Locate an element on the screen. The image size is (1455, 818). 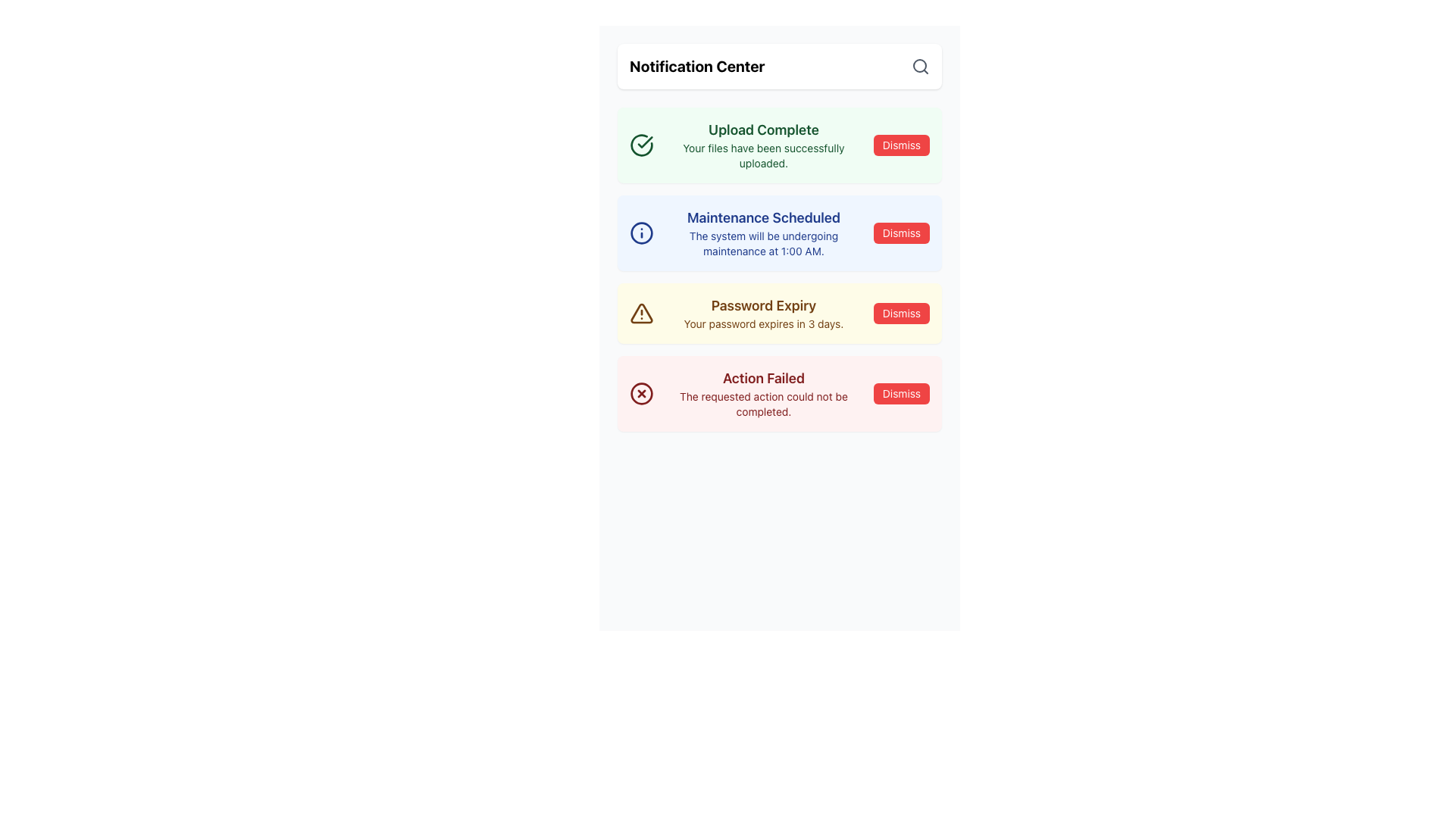
text from the primary header of the last notification box, which indicates a failure action alert, located at the bottom of the 'Notification Center' is located at coordinates (764, 378).